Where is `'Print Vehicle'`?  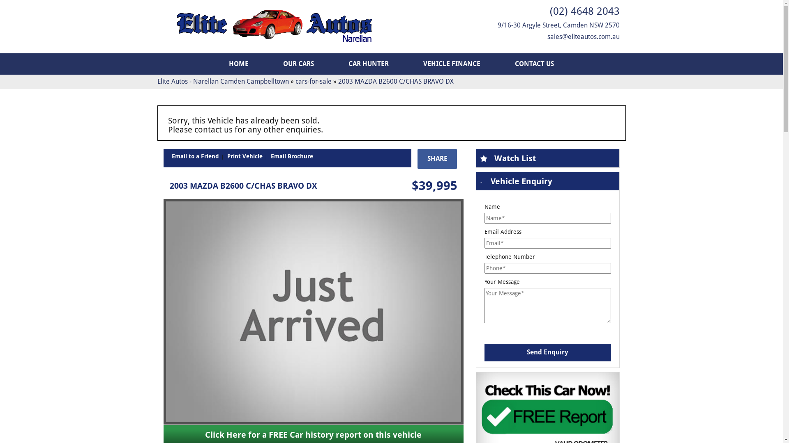
'Print Vehicle' is located at coordinates (244, 156).